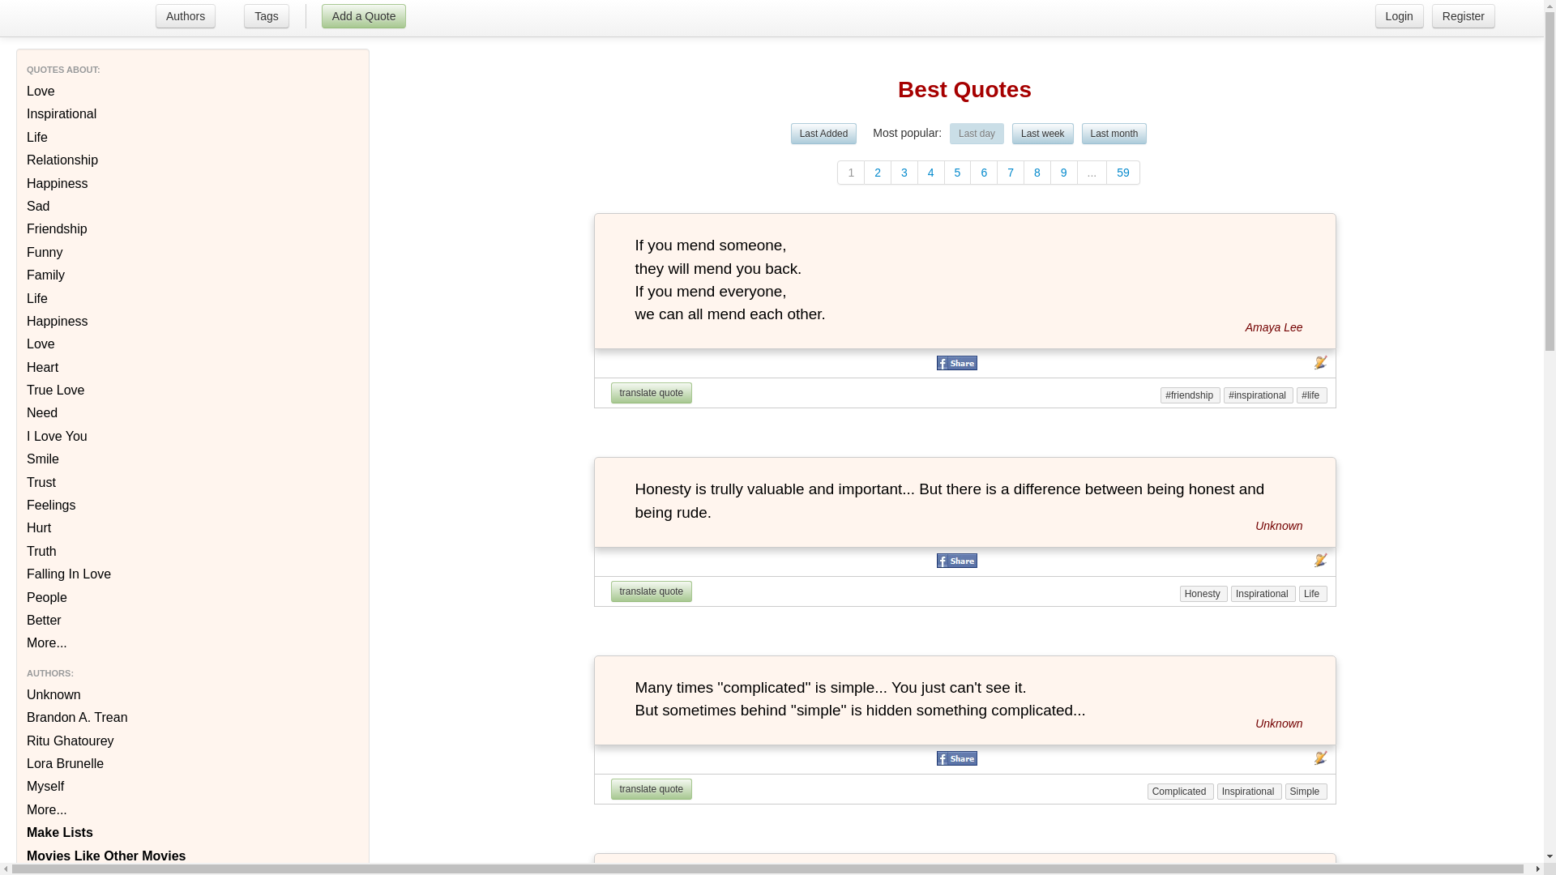 The height and width of the screenshot is (875, 1556). What do you see at coordinates (1037, 172) in the screenshot?
I see `'8'` at bounding box center [1037, 172].